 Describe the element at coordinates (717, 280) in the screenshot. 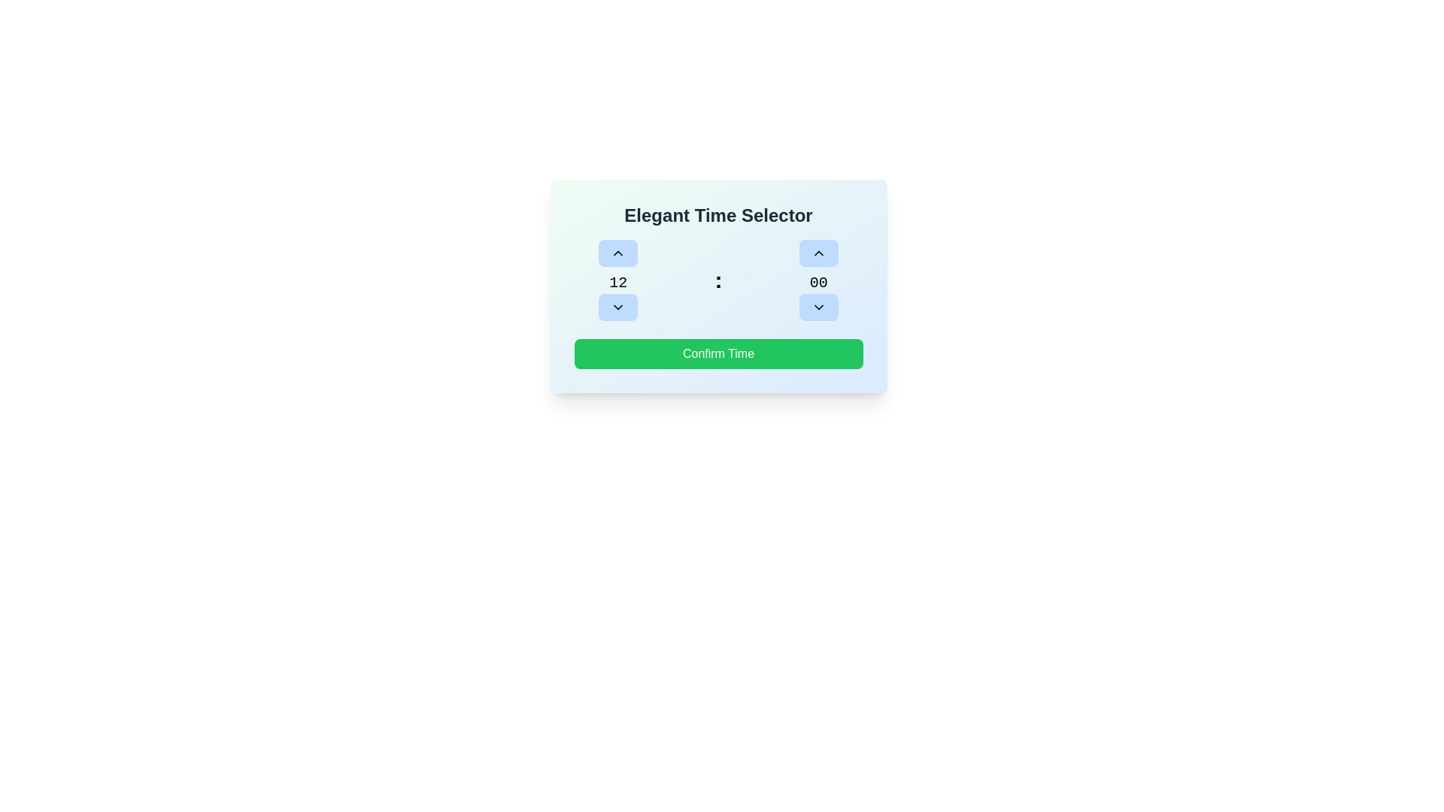

I see `the colon symbol ':' which is a large font text label centered between '12' and '00'` at that location.